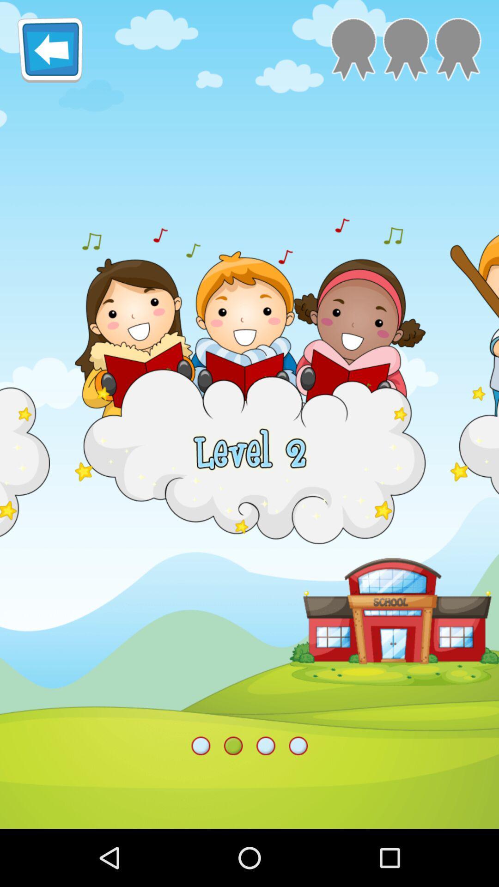  I want to click on move to the 2nd level, so click(405, 49).